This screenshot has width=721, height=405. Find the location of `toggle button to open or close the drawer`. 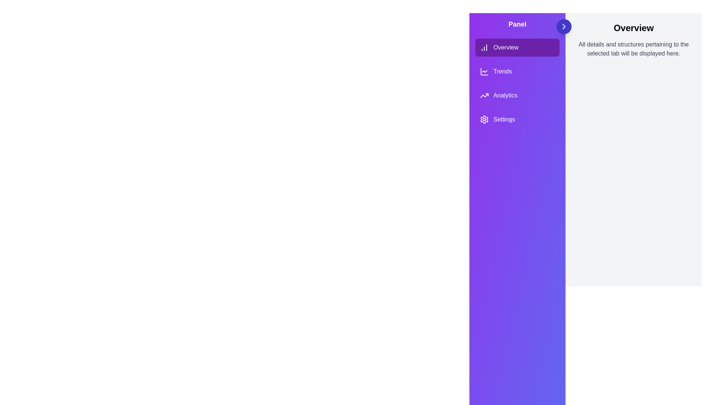

toggle button to open or close the drawer is located at coordinates (564, 26).